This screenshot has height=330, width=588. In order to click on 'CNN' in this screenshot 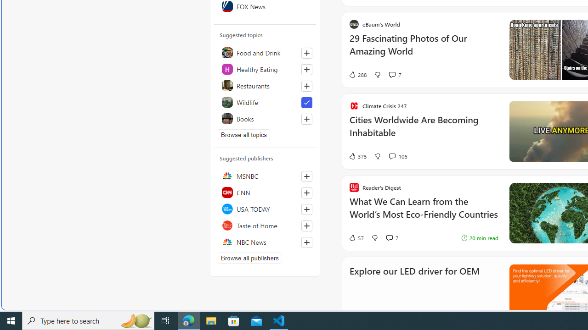, I will do `click(265, 192)`.